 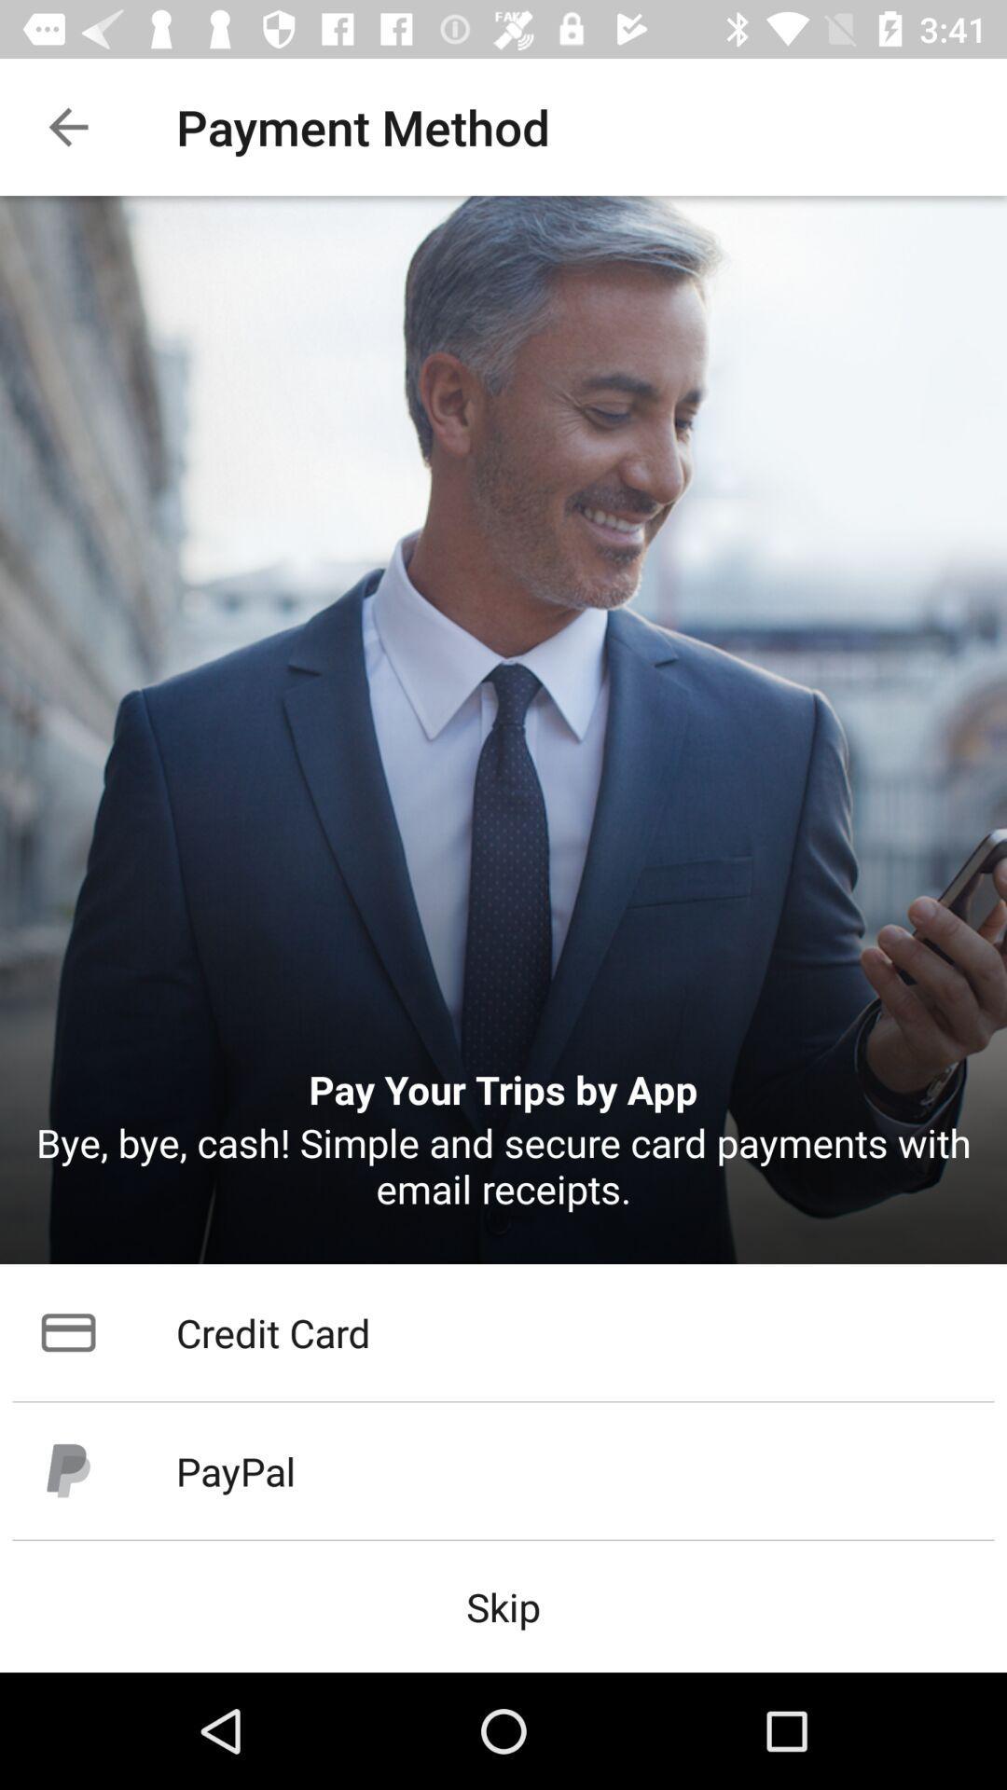 What do you see at coordinates (67, 126) in the screenshot?
I see `the item next to the payment method item` at bounding box center [67, 126].